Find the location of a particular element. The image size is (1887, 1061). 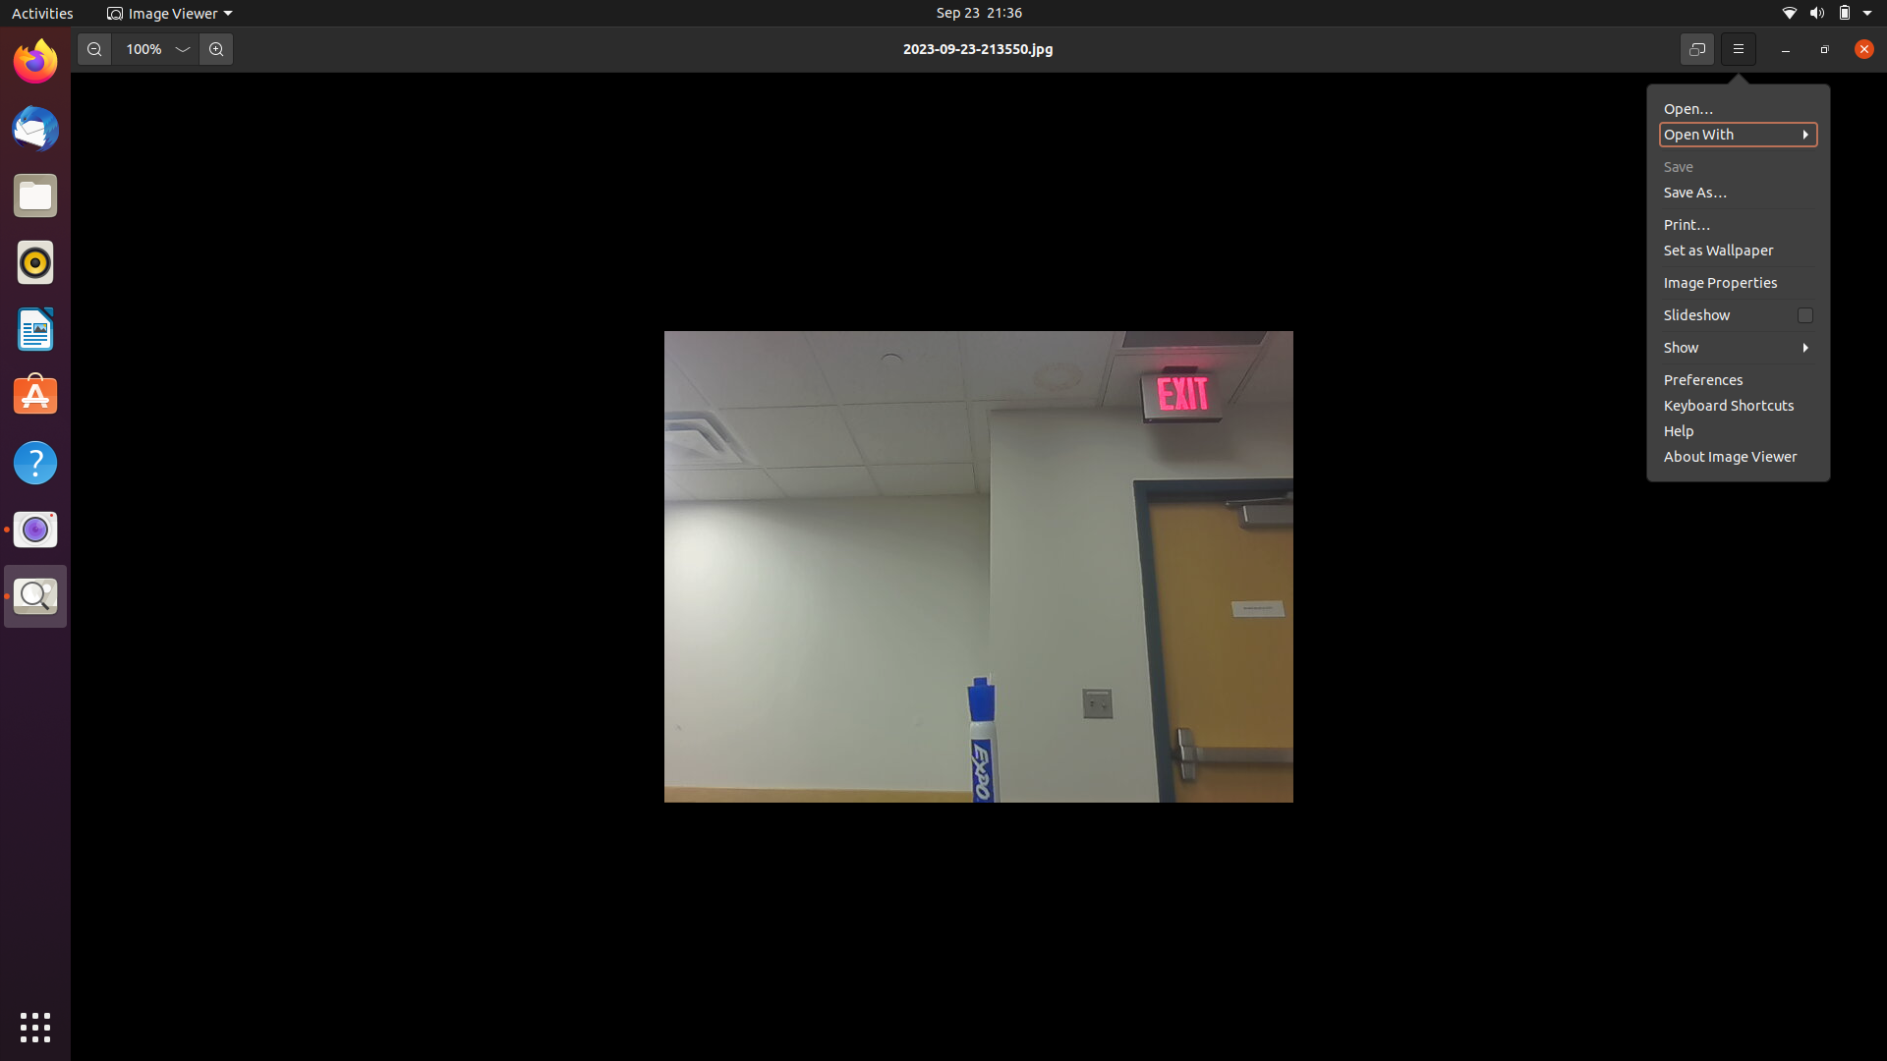

Shrink the image by one level is located at coordinates (92, 48).